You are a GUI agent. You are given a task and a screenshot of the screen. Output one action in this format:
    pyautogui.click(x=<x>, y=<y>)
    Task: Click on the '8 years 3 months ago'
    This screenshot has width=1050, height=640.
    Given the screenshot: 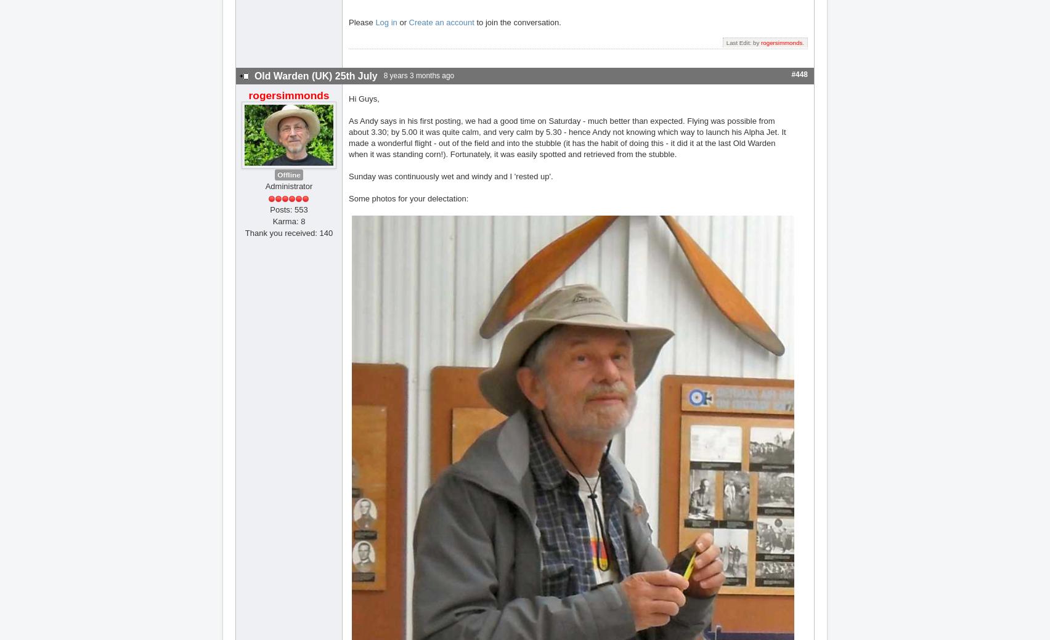 What is the action you would take?
    pyautogui.click(x=418, y=74)
    